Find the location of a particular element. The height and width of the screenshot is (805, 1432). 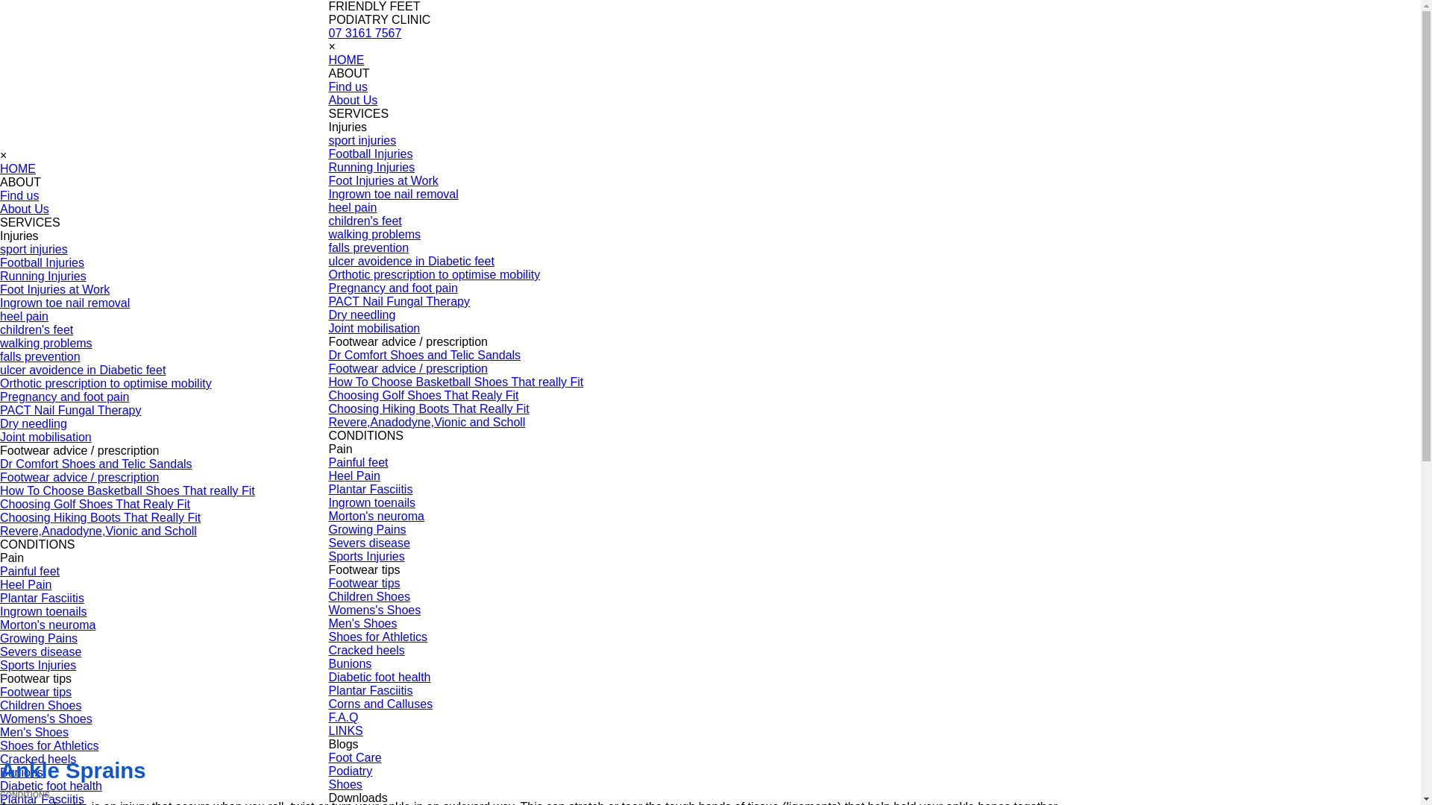

'Find us' is located at coordinates (19, 195).